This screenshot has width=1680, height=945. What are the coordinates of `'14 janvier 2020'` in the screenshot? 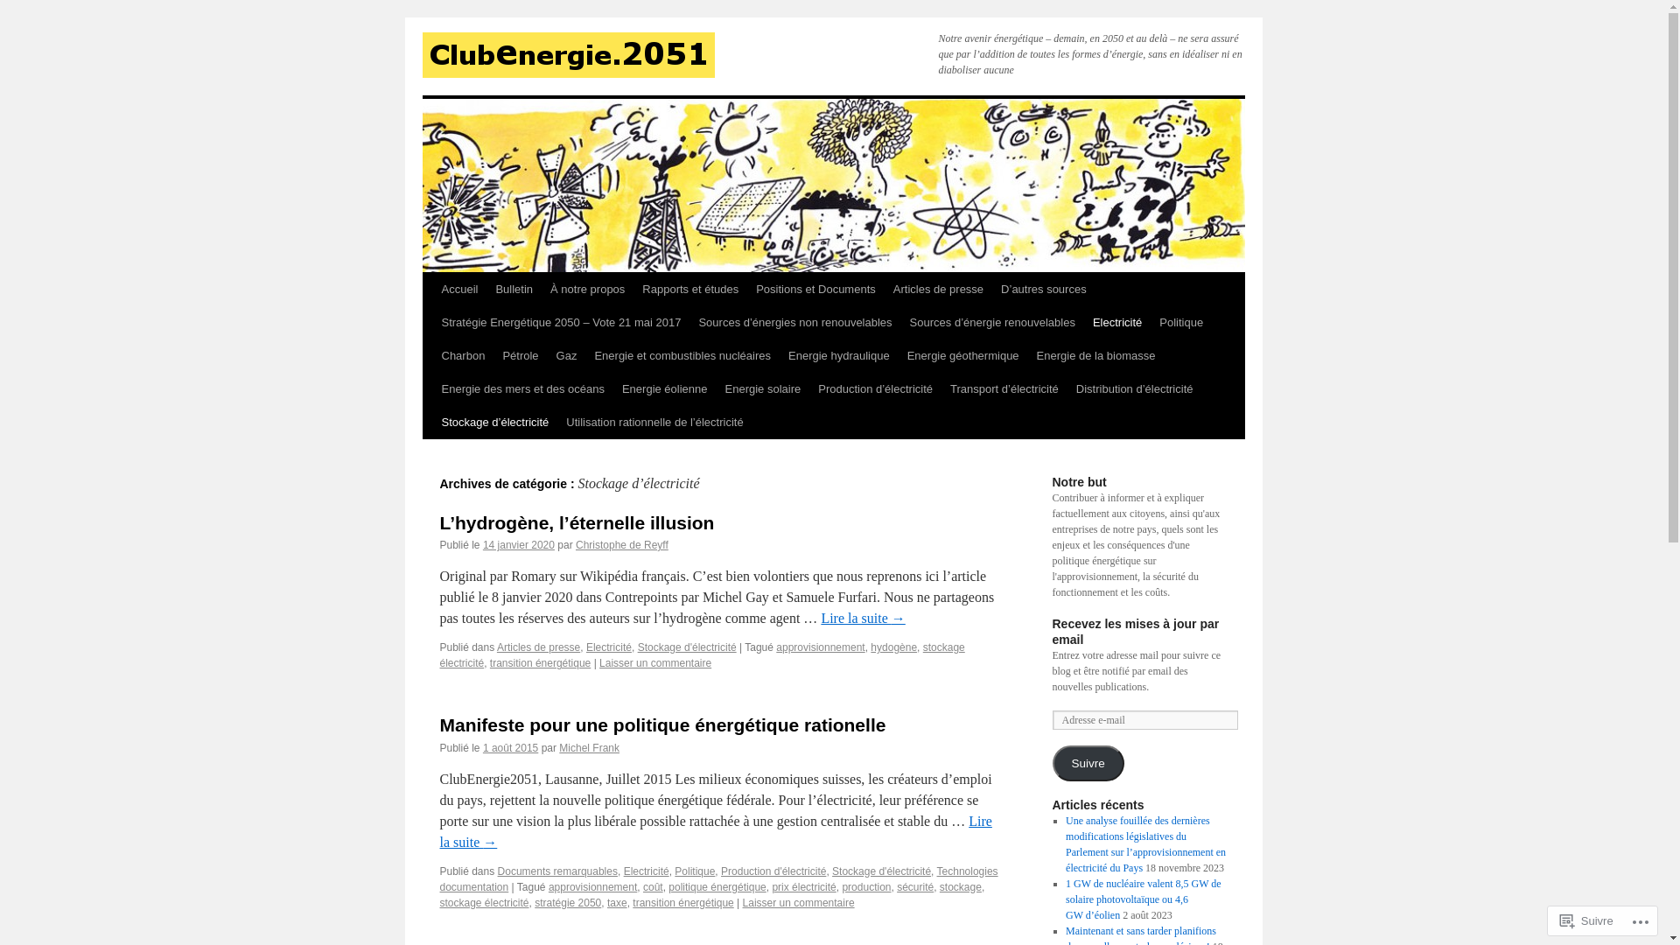 It's located at (518, 544).